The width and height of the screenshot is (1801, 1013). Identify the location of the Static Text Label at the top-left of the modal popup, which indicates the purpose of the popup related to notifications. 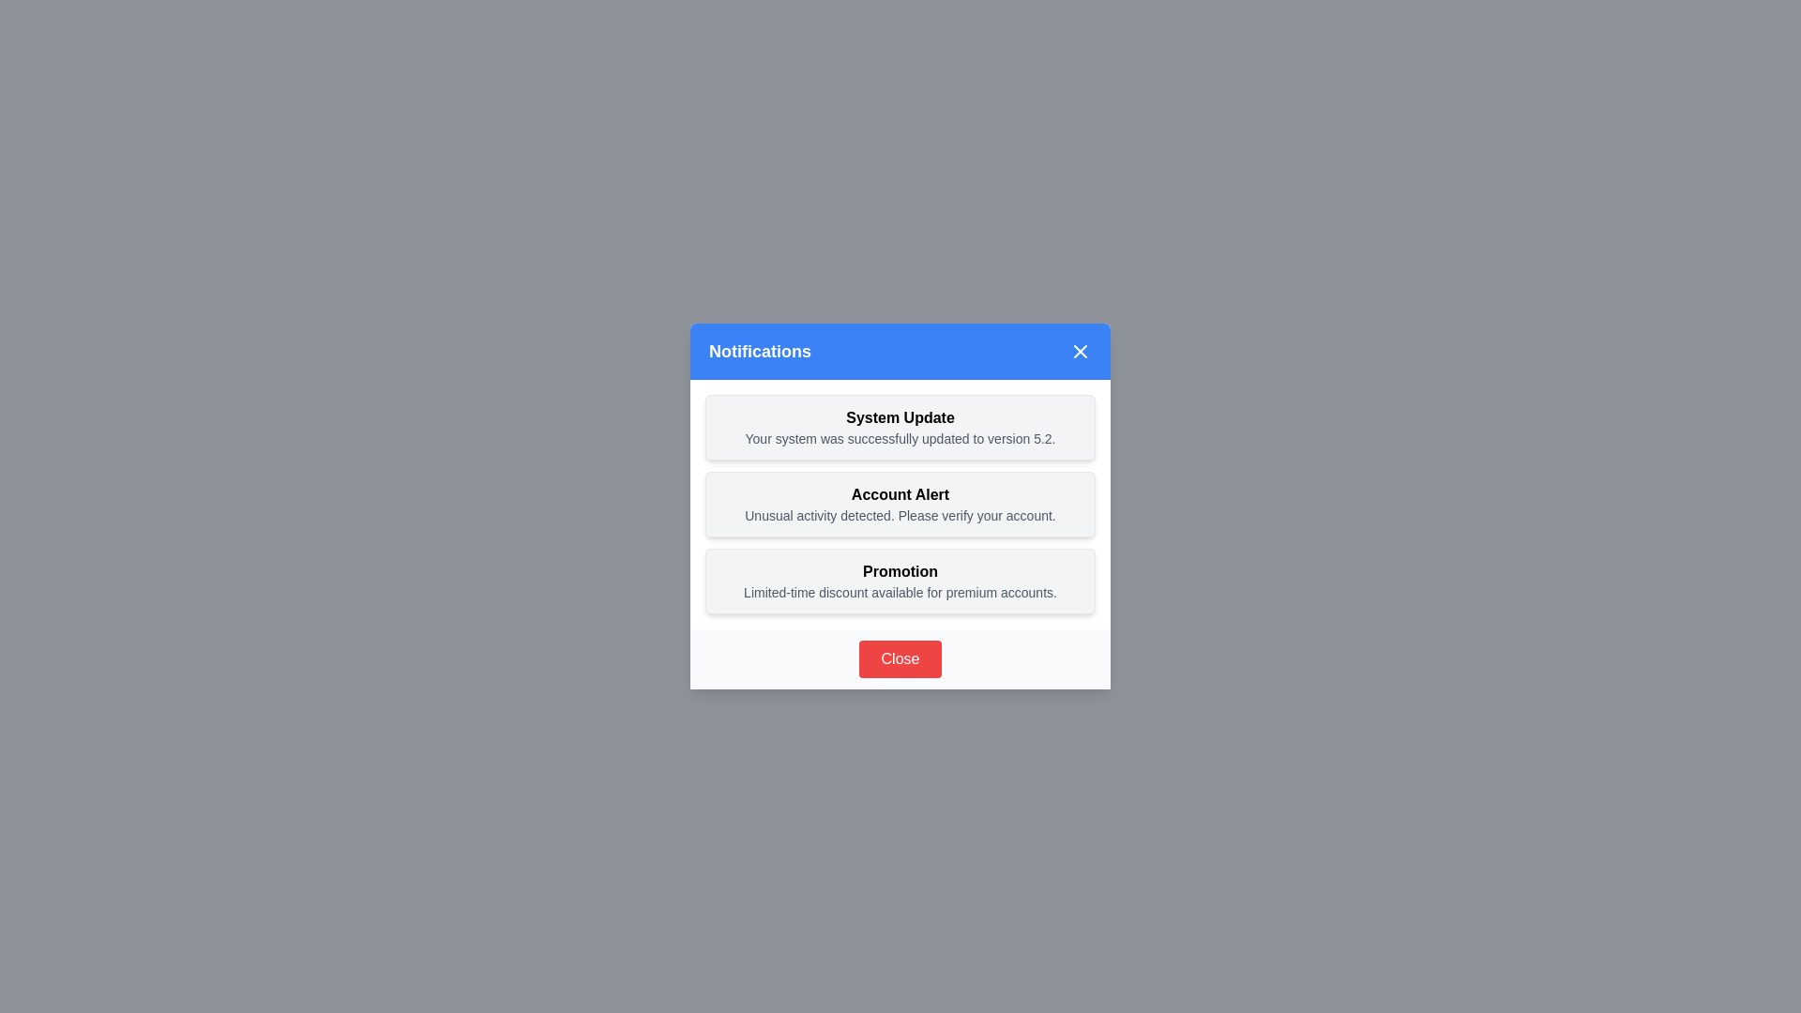
(760, 351).